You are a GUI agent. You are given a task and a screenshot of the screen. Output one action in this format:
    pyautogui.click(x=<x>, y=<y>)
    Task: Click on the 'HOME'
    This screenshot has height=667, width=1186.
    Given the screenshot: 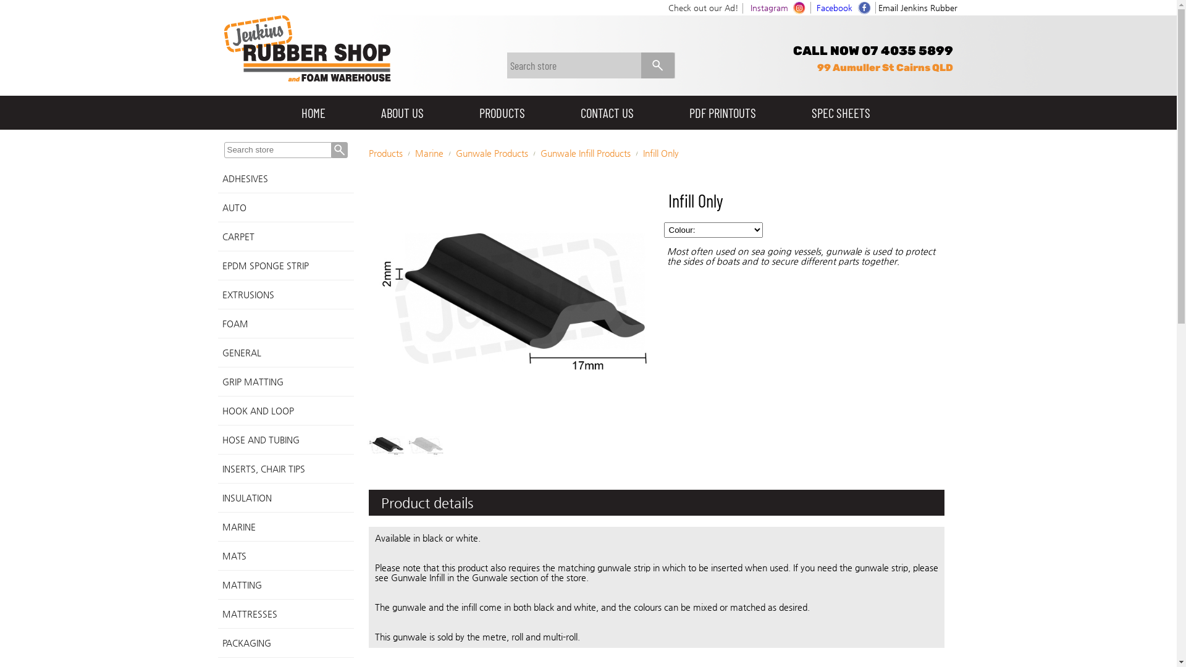 What is the action you would take?
    pyautogui.click(x=313, y=112)
    